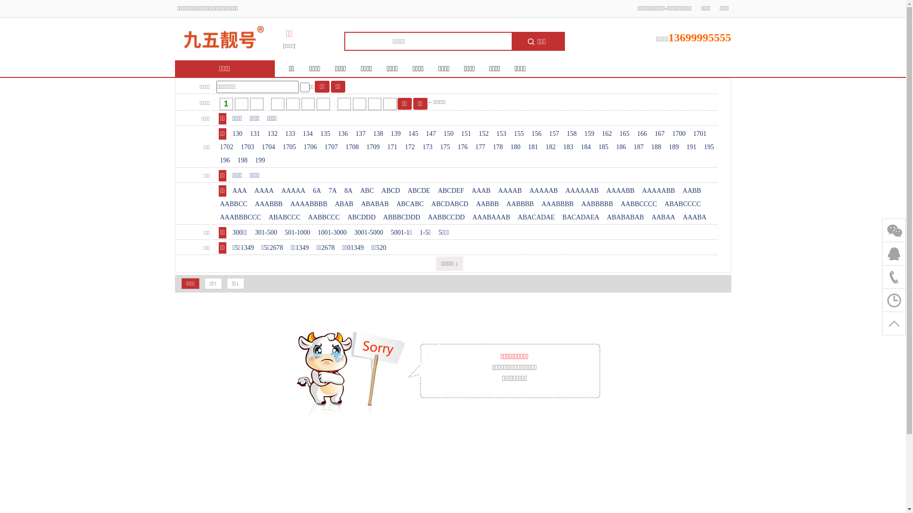 Image resolution: width=913 pixels, height=513 pixels. What do you see at coordinates (673, 147) in the screenshot?
I see `'189'` at bounding box center [673, 147].